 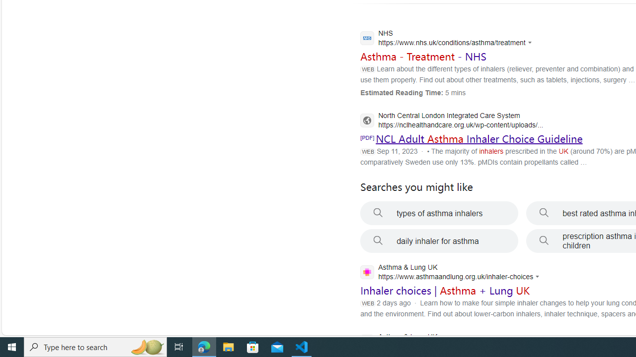 What do you see at coordinates (439, 241) in the screenshot?
I see `'daily inhaler for asthma'` at bounding box center [439, 241].